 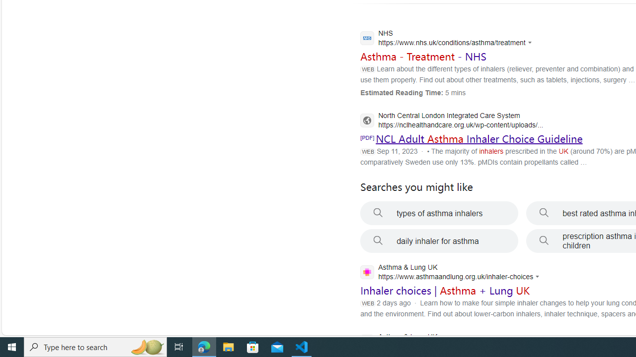 What do you see at coordinates (439, 241) in the screenshot?
I see `'daily inhaler for asthma'` at bounding box center [439, 241].